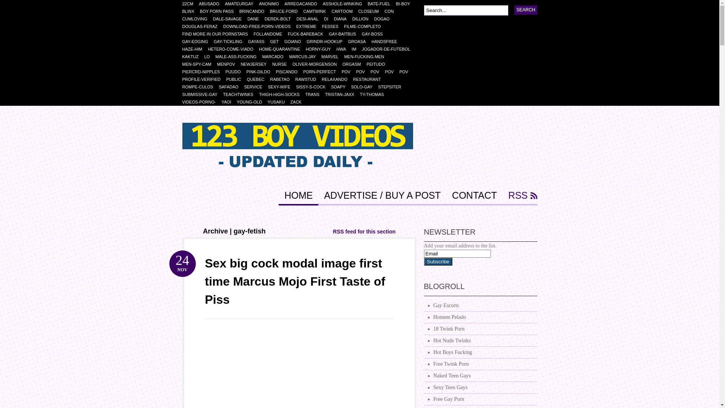  Describe the element at coordinates (252, 102) in the screenshot. I see `'YOUNG-OLD'` at that location.